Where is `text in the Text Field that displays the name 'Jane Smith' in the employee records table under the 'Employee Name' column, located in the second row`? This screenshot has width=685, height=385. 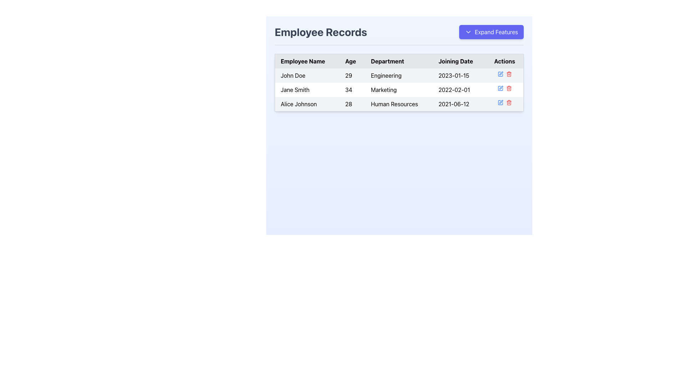
text in the Text Field that displays the name 'Jane Smith' in the employee records table under the 'Employee Name' column, located in the second row is located at coordinates (307, 89).